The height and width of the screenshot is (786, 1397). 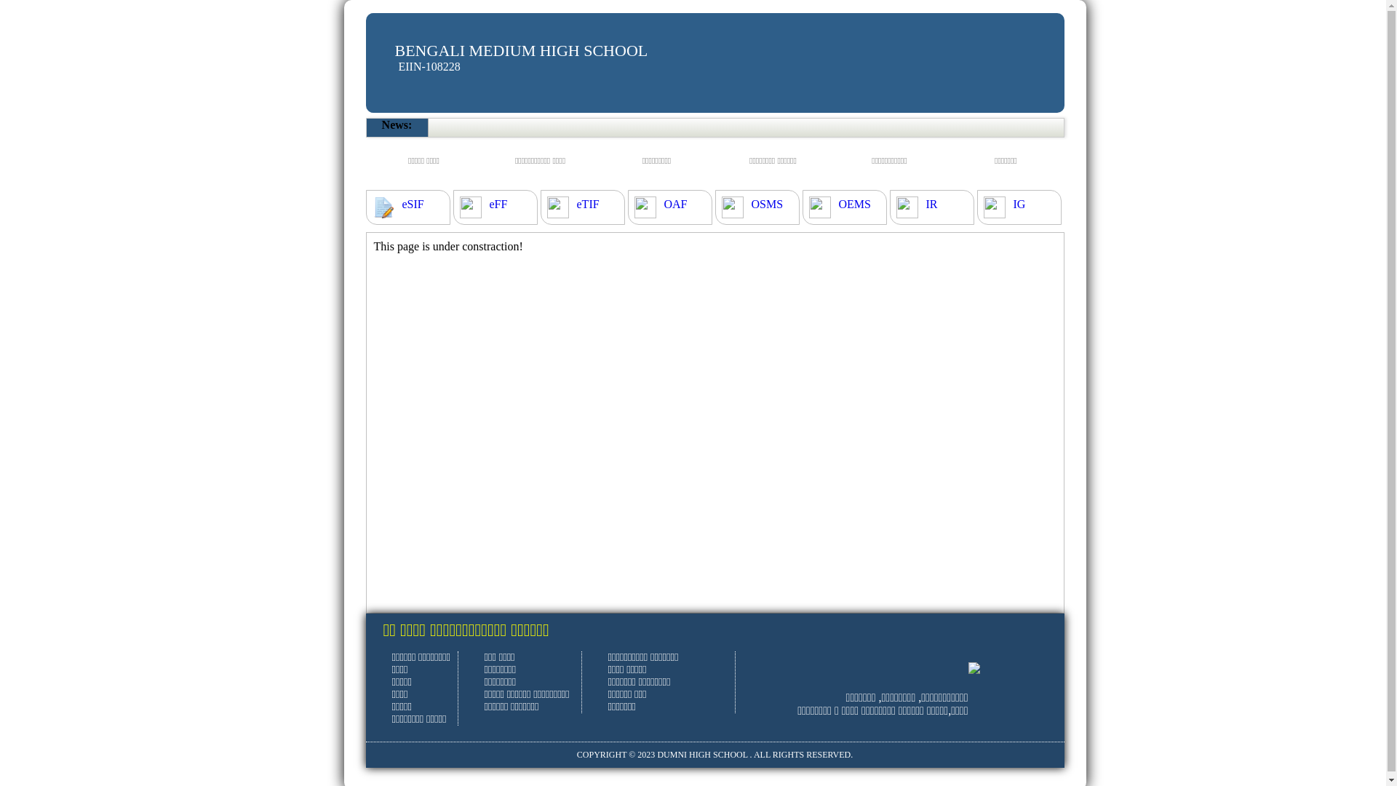 I want to click on 'eTIF', so click(x=587, y=205).